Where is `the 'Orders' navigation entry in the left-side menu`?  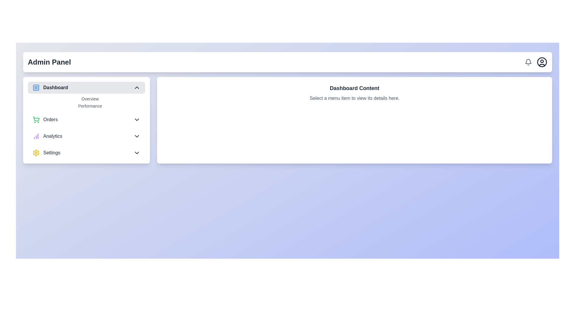 the 'Orders' navigation entry in the left-side menu is located at coordinates (86, 120).